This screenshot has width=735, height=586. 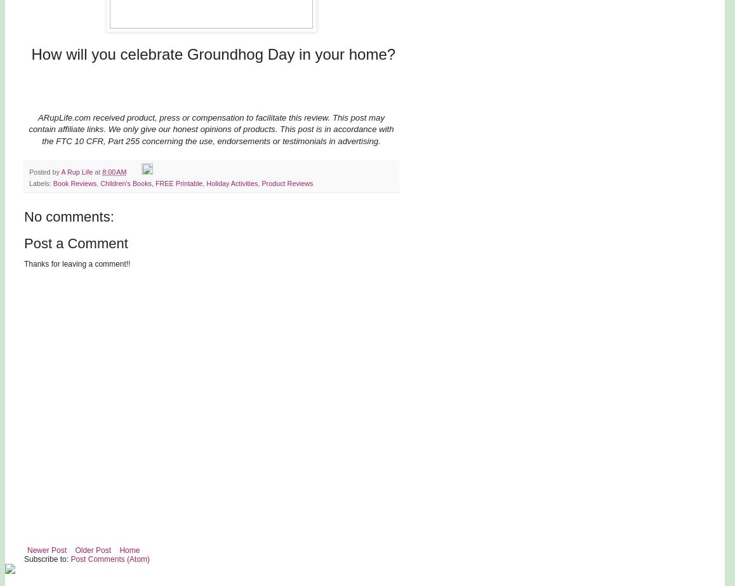 I want to click on 'FREE Printable', so click(x=154, y=182).